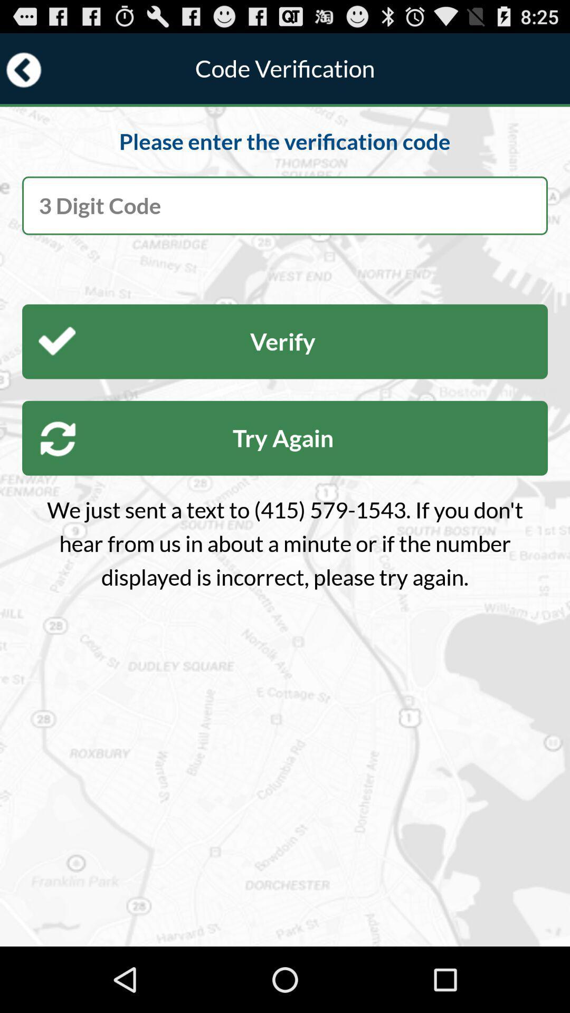 Image resolution: width=570 pixels, height=1013 pixels. What do you see at coordinates (285, 205) in the screenshot?
I see `the verification code received` at bounding box center [285, 205].